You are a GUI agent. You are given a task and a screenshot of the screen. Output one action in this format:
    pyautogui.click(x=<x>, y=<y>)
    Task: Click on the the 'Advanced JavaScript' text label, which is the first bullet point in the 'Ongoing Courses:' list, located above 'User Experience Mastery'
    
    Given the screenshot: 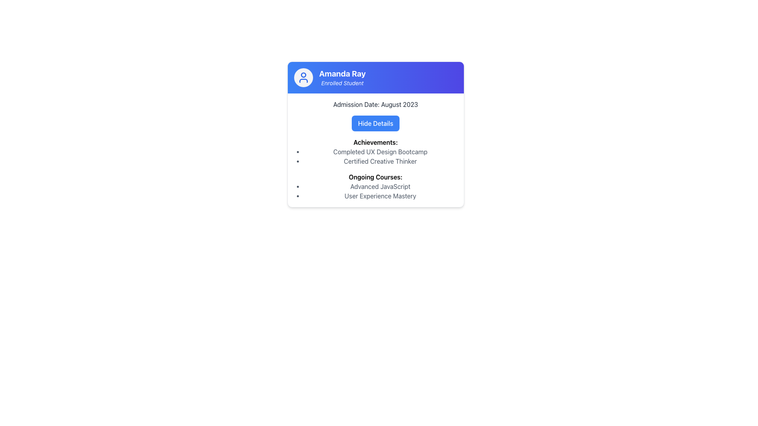 What is the action you would take?
    pyautogui.click(x=380, y=187)
    